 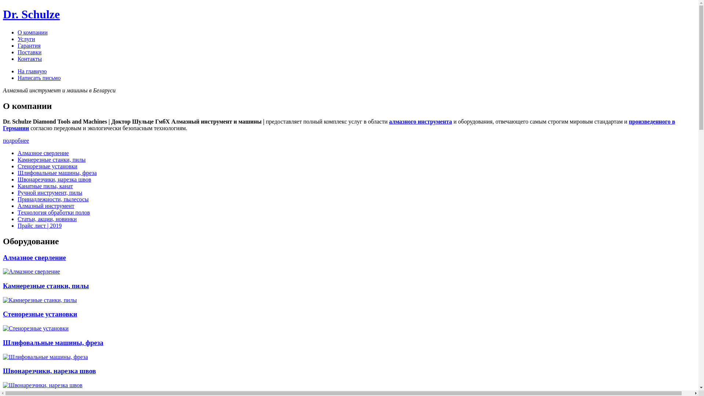 What do you see at coordinates (31, 14) in the screenshot?
I see `'Dr. Schulze'` at bounding box center [31, 14].